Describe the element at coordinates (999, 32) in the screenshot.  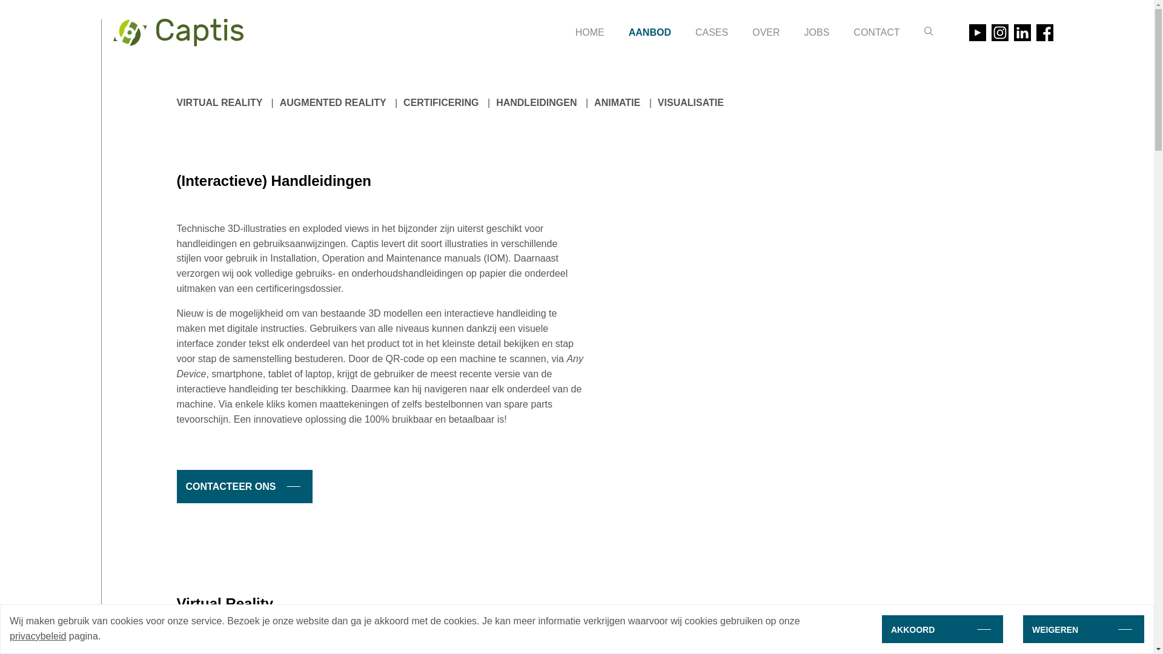
I see `'Bezoek onze Instagram pagina'` at that location.